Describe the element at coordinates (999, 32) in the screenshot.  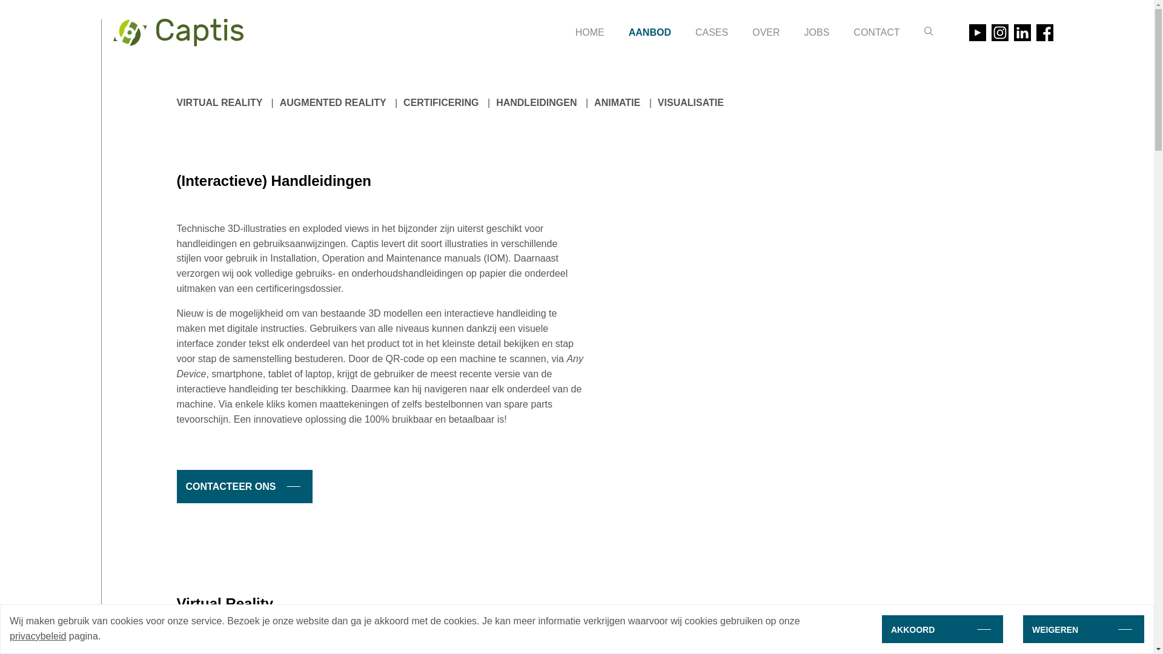
I see `'Bezoek onze Instagram pagina'` at that location.